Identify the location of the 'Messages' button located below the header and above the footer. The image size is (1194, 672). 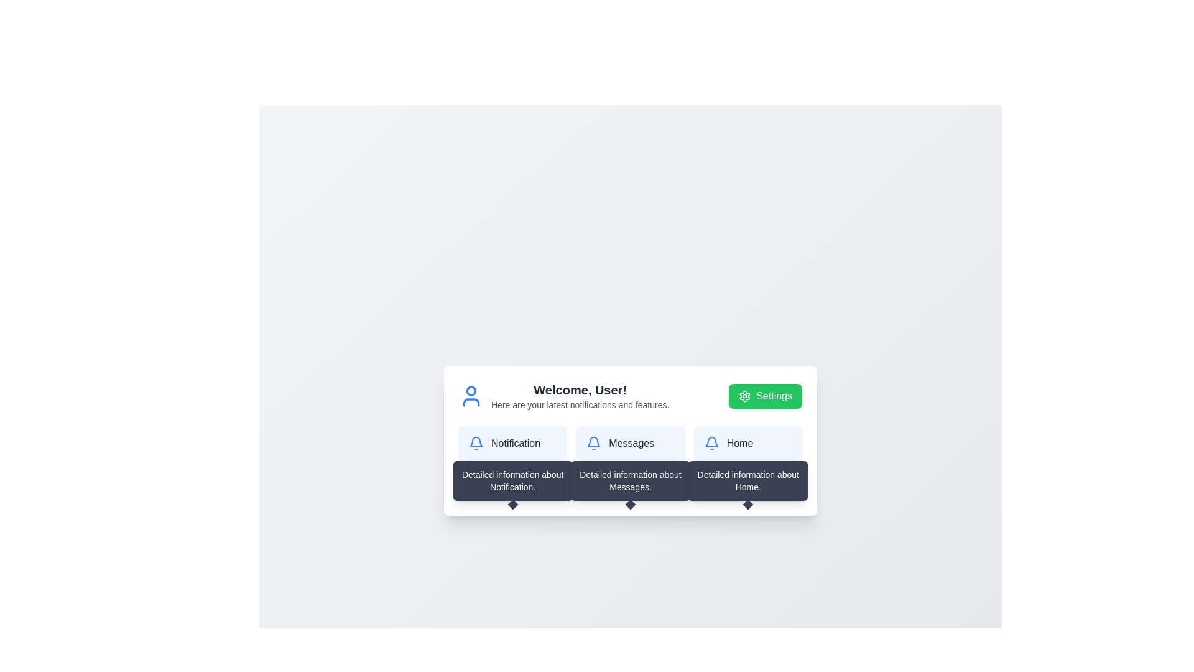
(630, 443).